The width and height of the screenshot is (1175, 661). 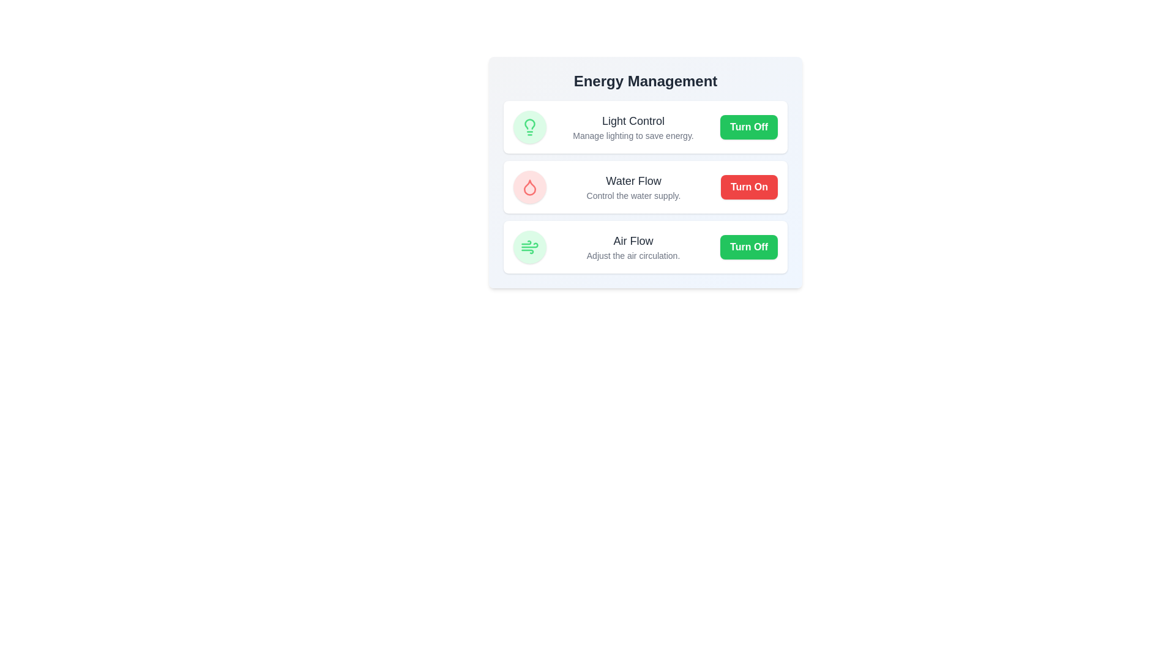 I want to click on the text element that provides information about the water flow control feature, positioned centrally between the 'Light Control' and 'Air Flow' sections, so click(x=633, y=187).